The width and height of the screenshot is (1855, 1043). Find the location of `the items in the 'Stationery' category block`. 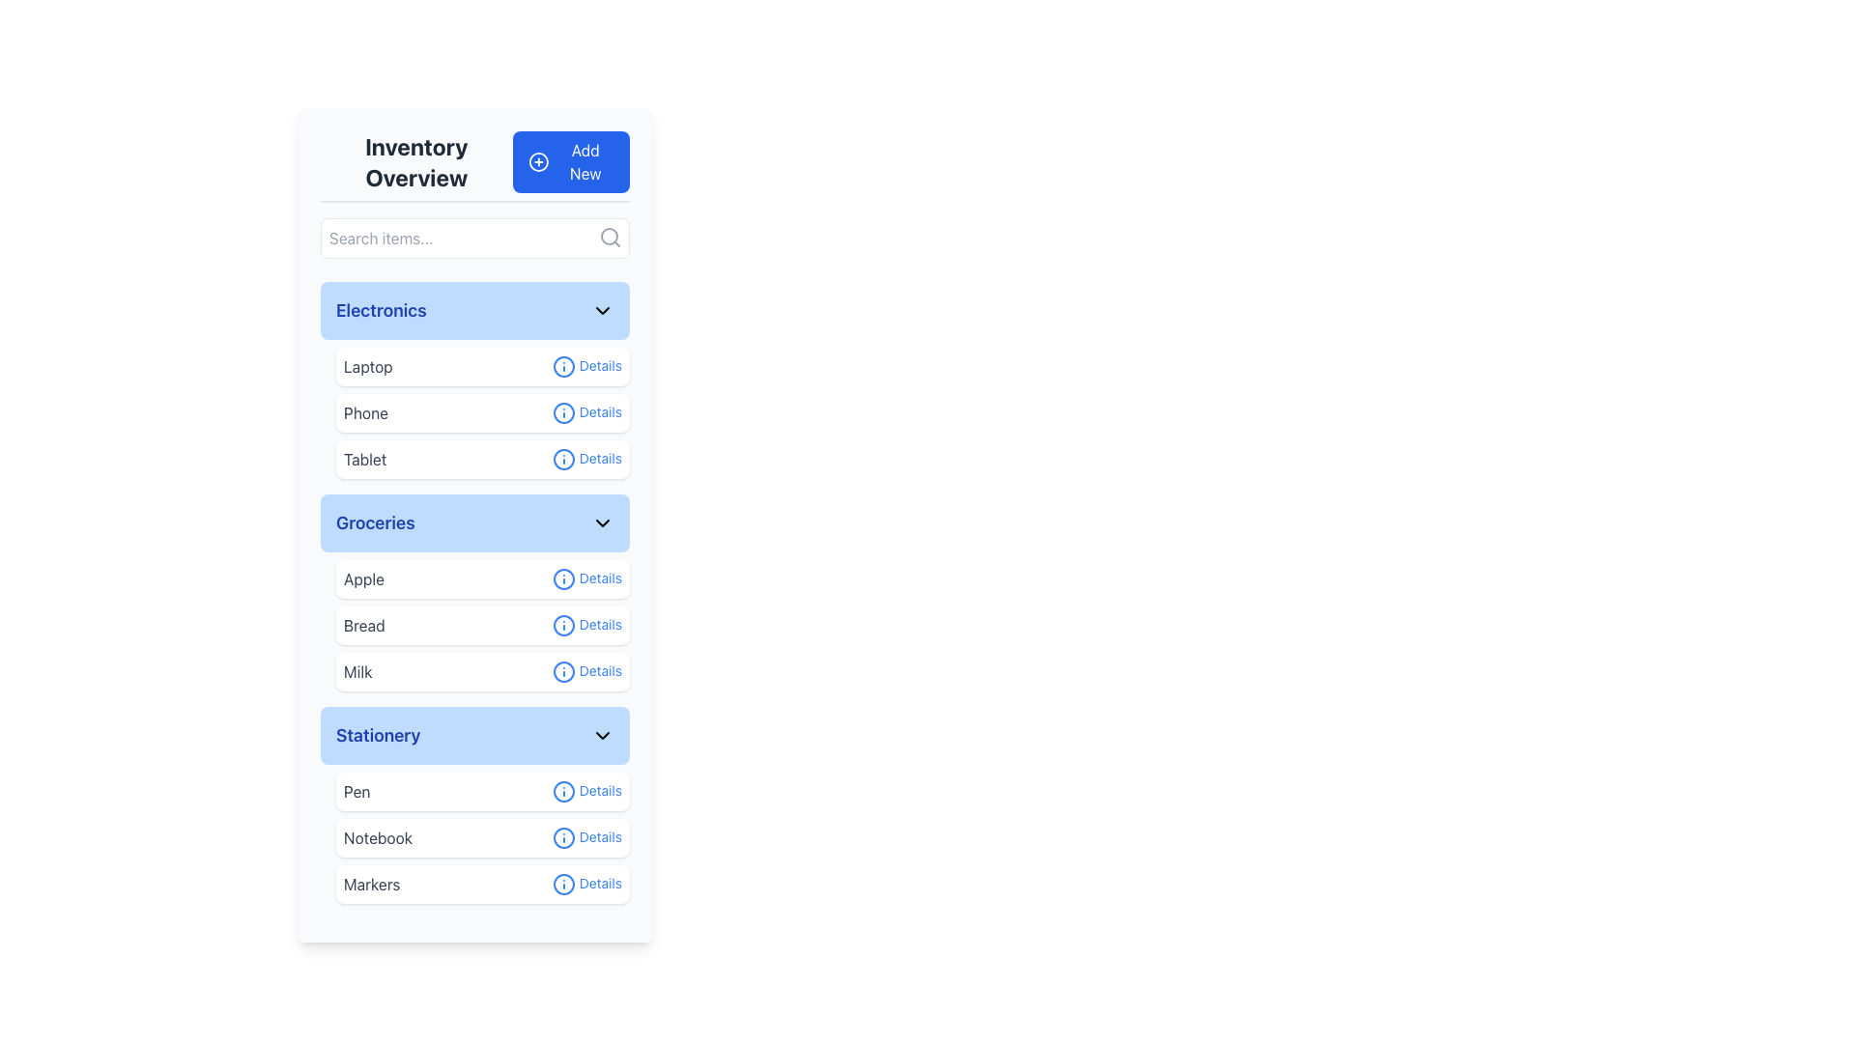

the items in the 'Stationery' category block is located at coordinates (474, 804).